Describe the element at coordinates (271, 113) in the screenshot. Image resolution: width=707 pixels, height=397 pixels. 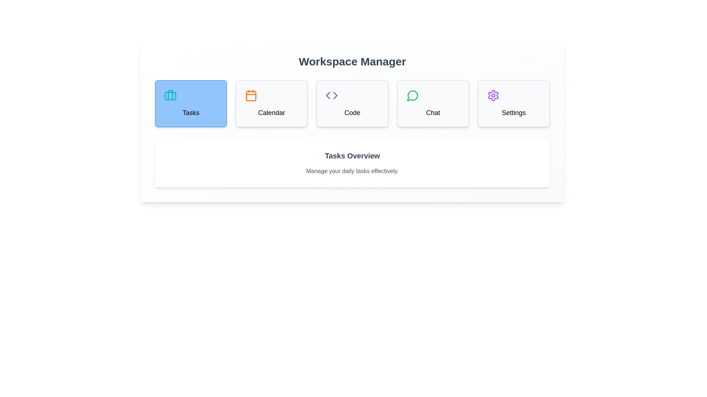
I see `the 'Calendar' text label which is prominently displayed in bold font within a card component, located below an orange calendar icon` at that location.